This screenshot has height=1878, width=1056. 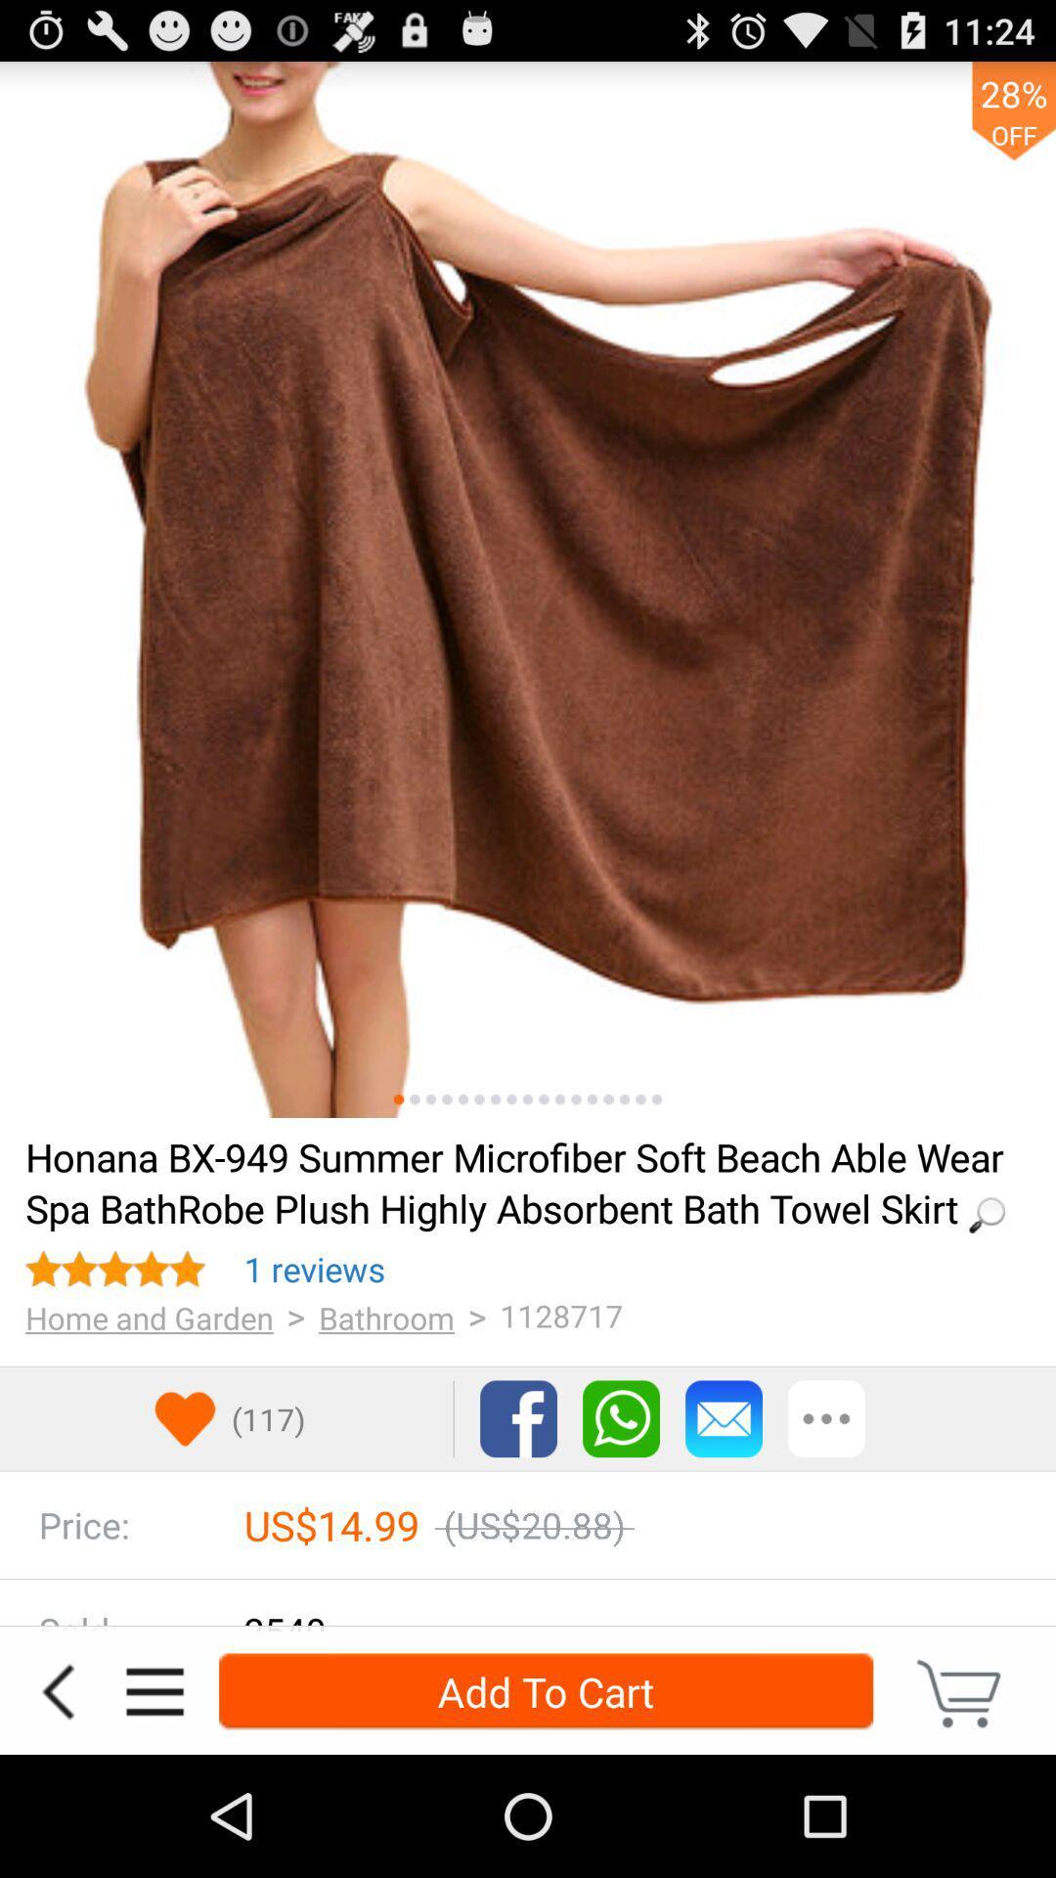 What do you see at coordinates (724, 1418) in the screenshot?
I see `email link` at bounding box center [724, 1418].